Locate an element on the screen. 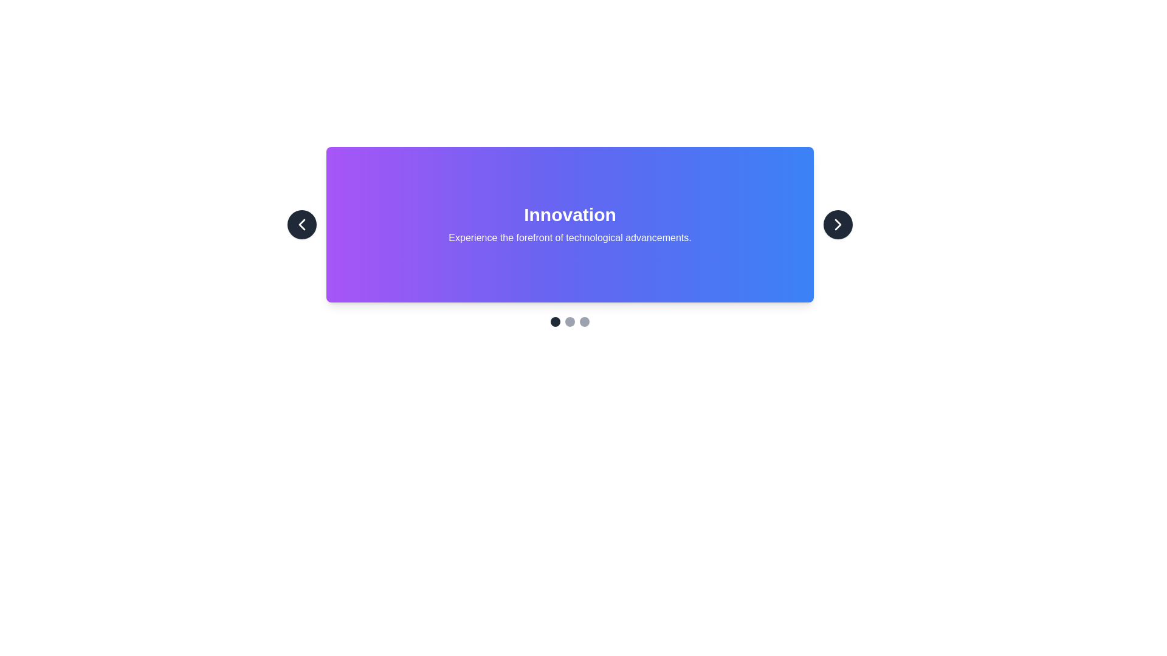 The image size is (1167, 656). the Text block containing the heading 'Innovation' and the subheading 'Experience the forefront of technological advancements.' is located at coordinates (569, 225).